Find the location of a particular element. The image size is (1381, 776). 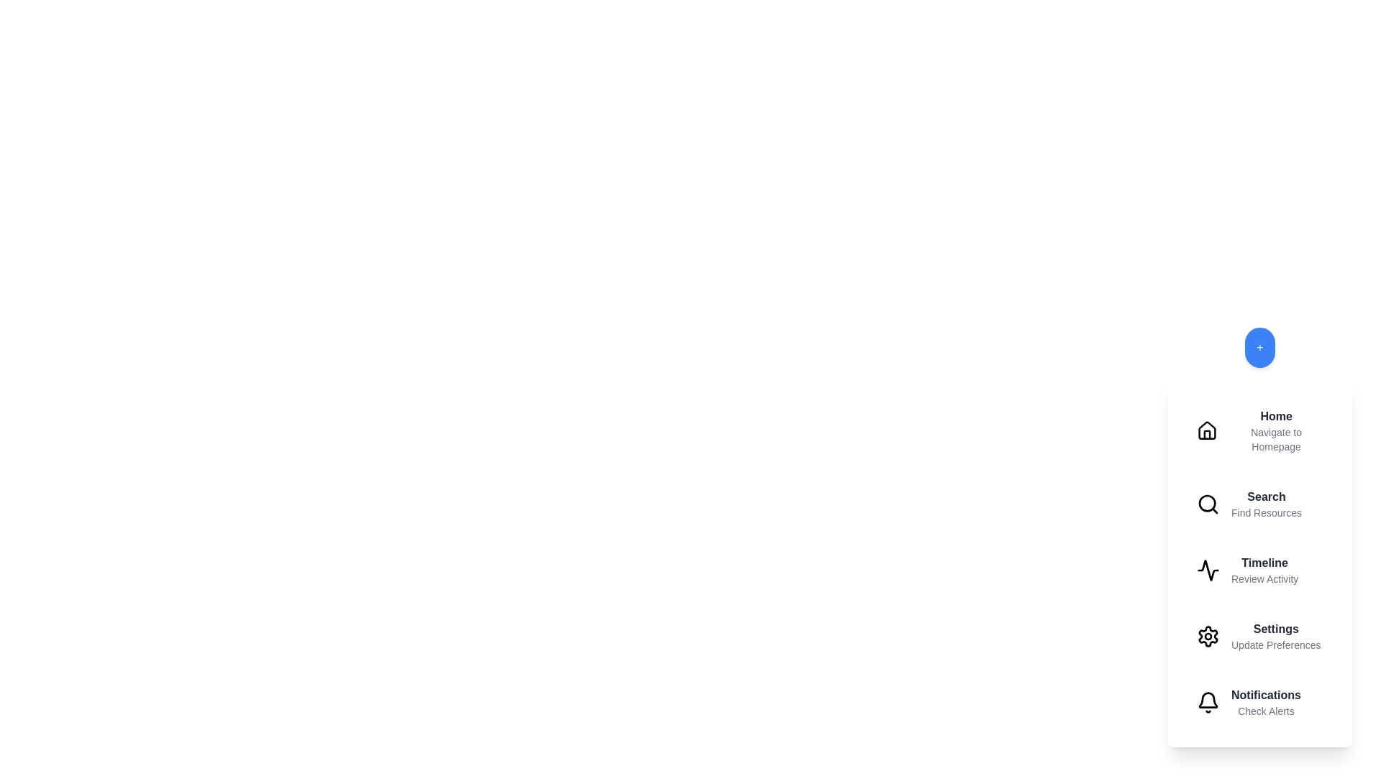

the descriptive text of the menu item labeled Home to select it is located at coordinates (1276, 439).